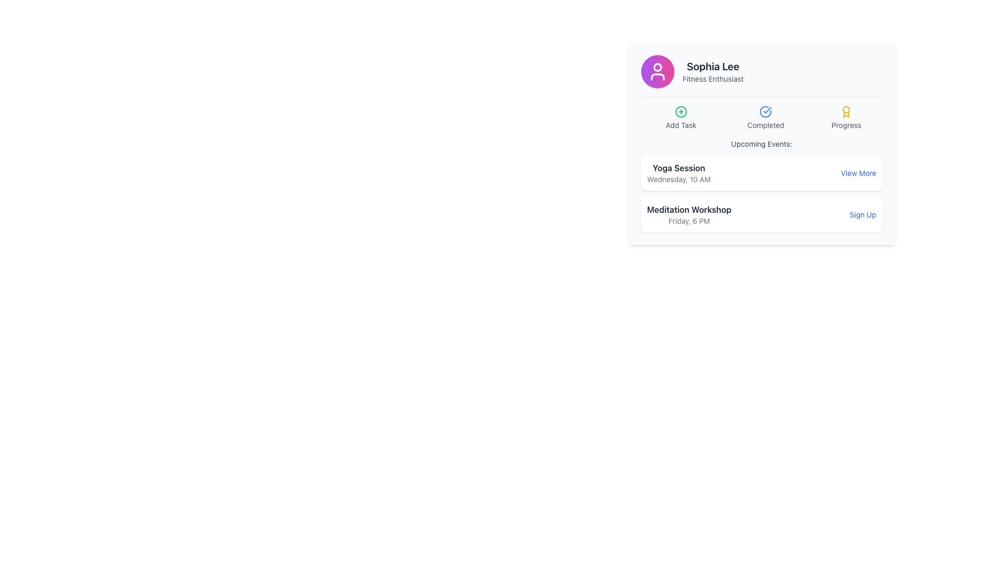 The height and width of the screenshot is (562, 1000). Describe the element at coordinates (681, 124) in the screenshot. I see `the descriptive label text located beneath the green circular 'plus' icon, which indicates an action to add a task` at that location.